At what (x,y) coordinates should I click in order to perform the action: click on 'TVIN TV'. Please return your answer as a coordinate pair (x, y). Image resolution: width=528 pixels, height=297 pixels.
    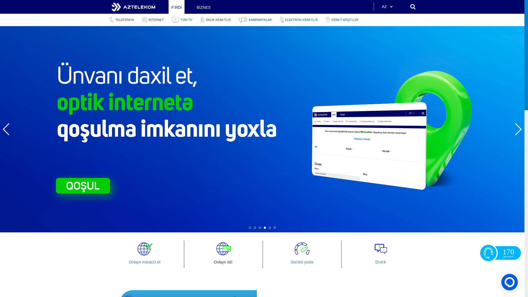
    Looking at the image, I should click on (182, 20).